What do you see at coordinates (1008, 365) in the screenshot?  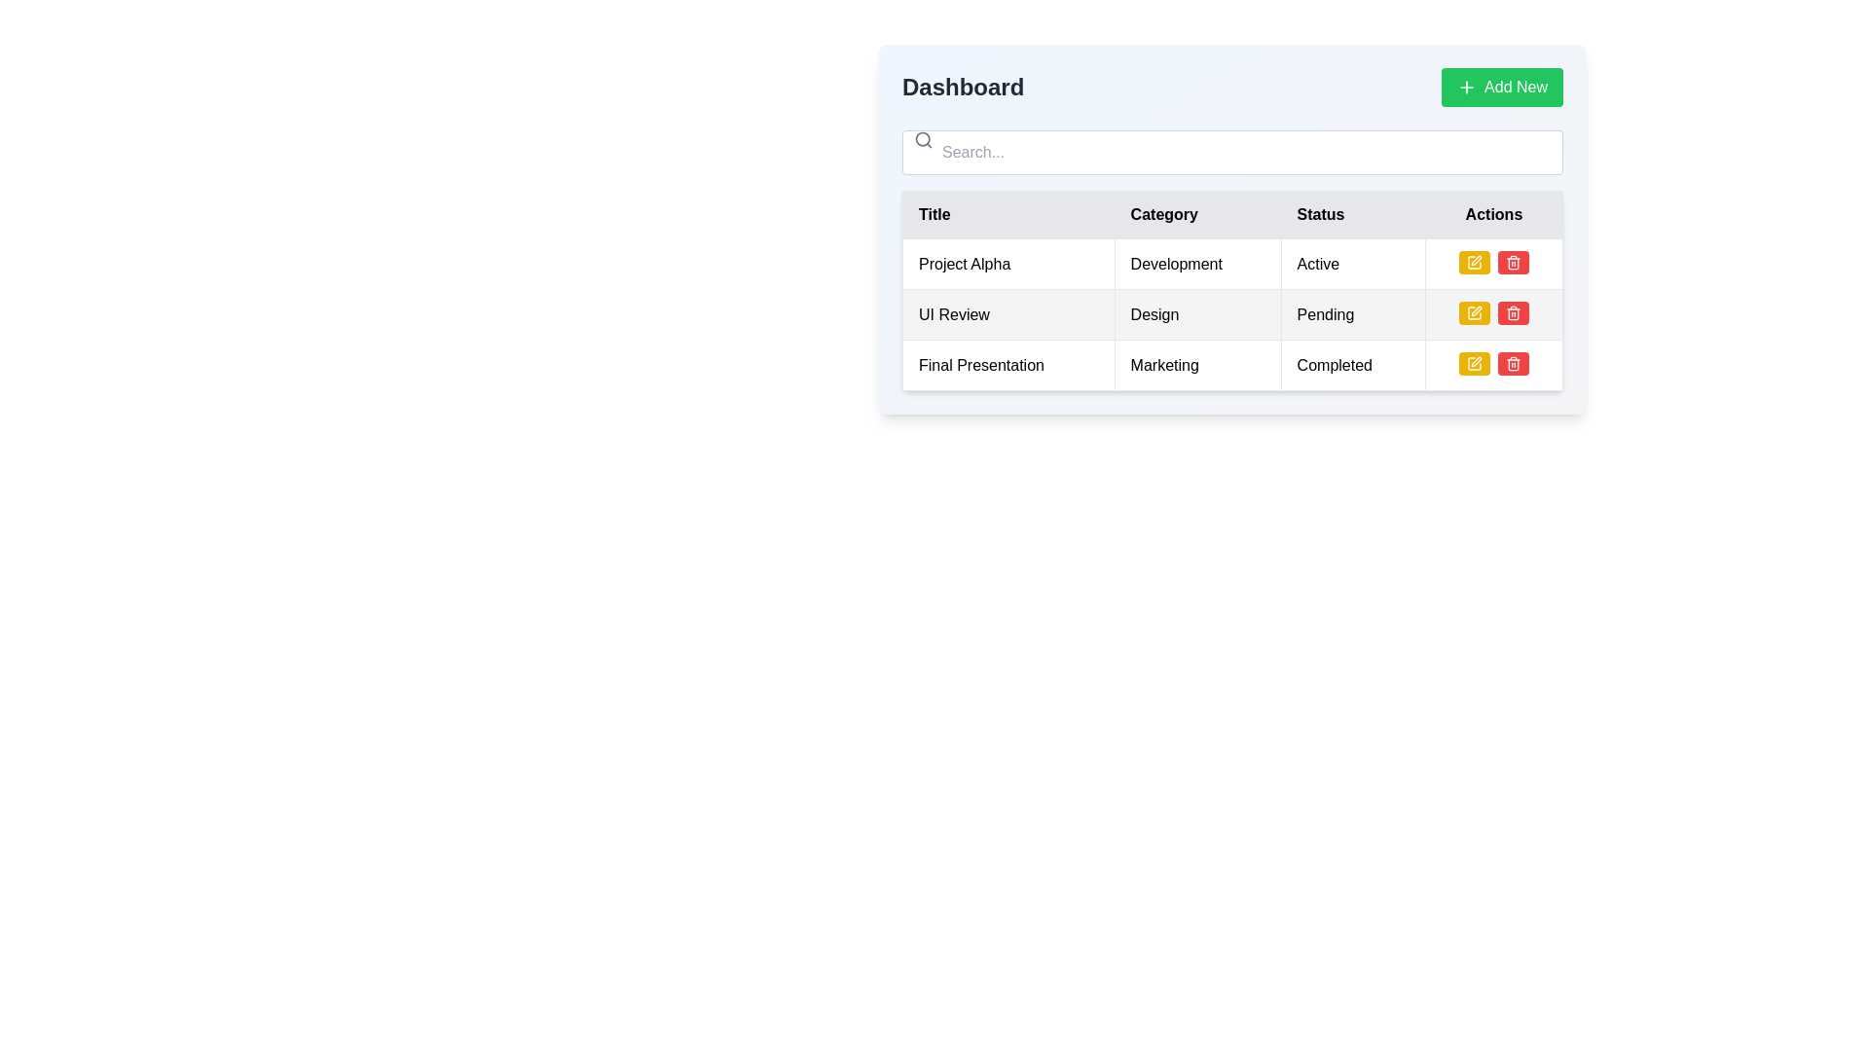 I see `text from the Text label displaying 'Final Presentation' located in the third row of the table under the 'Title' column` at bounding box center [1008, 365].